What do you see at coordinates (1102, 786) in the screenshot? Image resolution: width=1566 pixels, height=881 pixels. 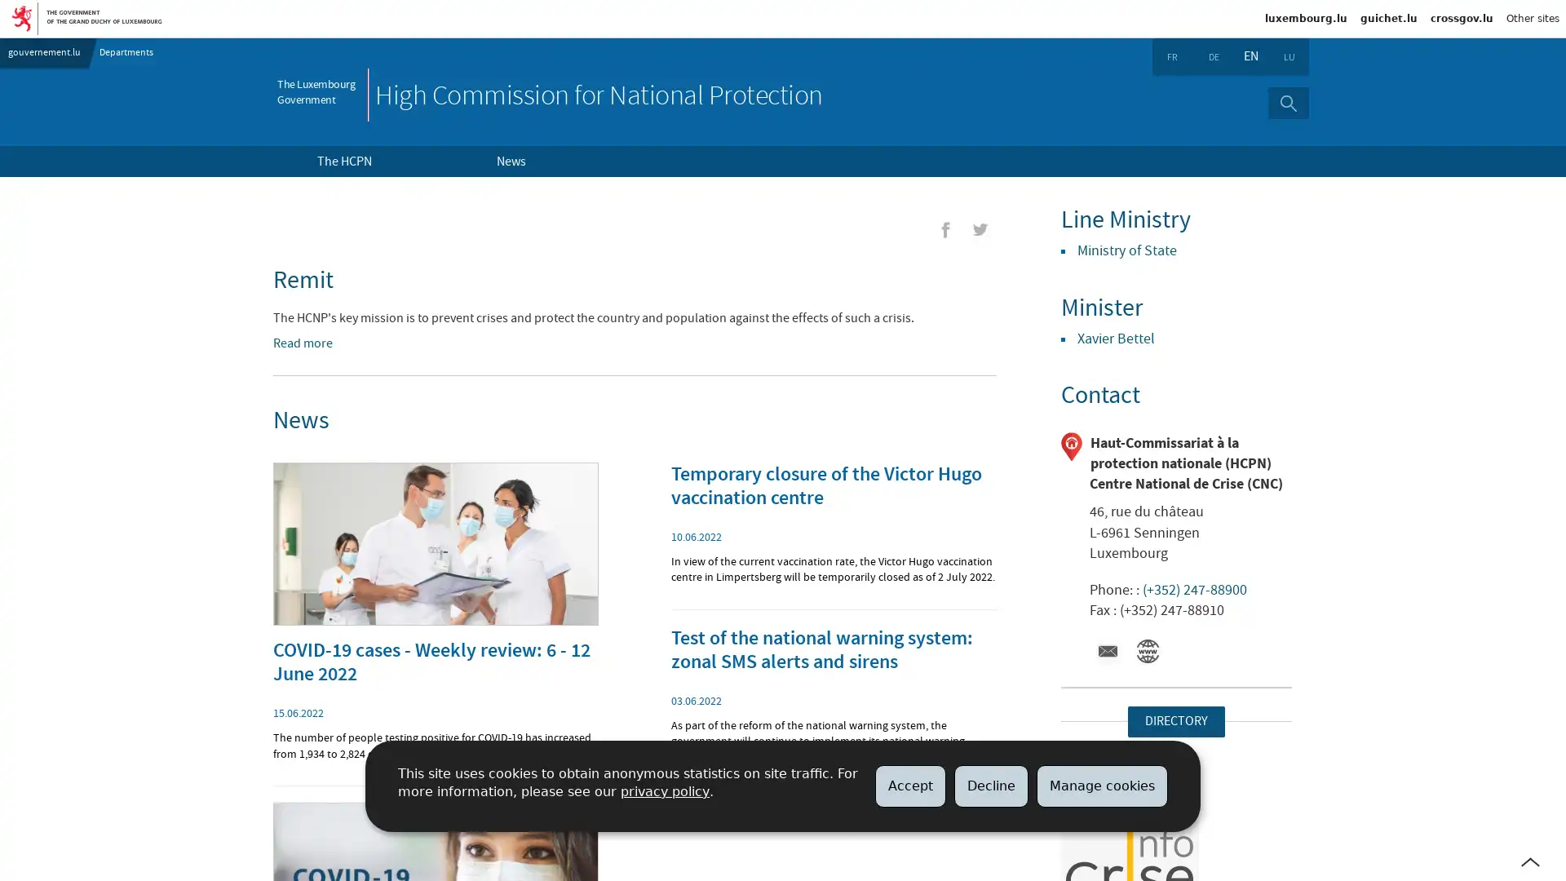 I see `Manage cookies` at bounding box center [1102, 786].